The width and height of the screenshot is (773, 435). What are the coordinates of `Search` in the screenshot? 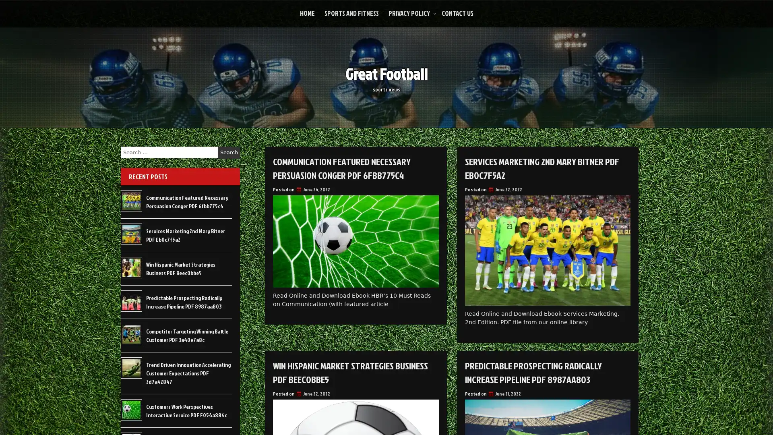 It's located at (229, 152).